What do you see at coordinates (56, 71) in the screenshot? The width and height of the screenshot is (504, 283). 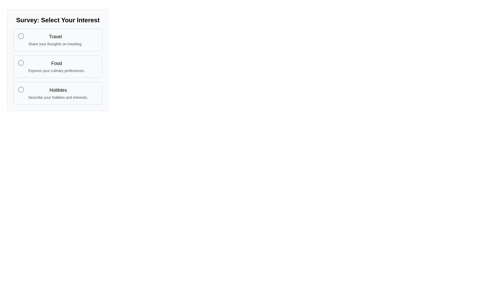 I see `the descriptive text element providing context for the topic 'Food', located below the main text 'Food' in the survey section` at bounding box center [56, 71].